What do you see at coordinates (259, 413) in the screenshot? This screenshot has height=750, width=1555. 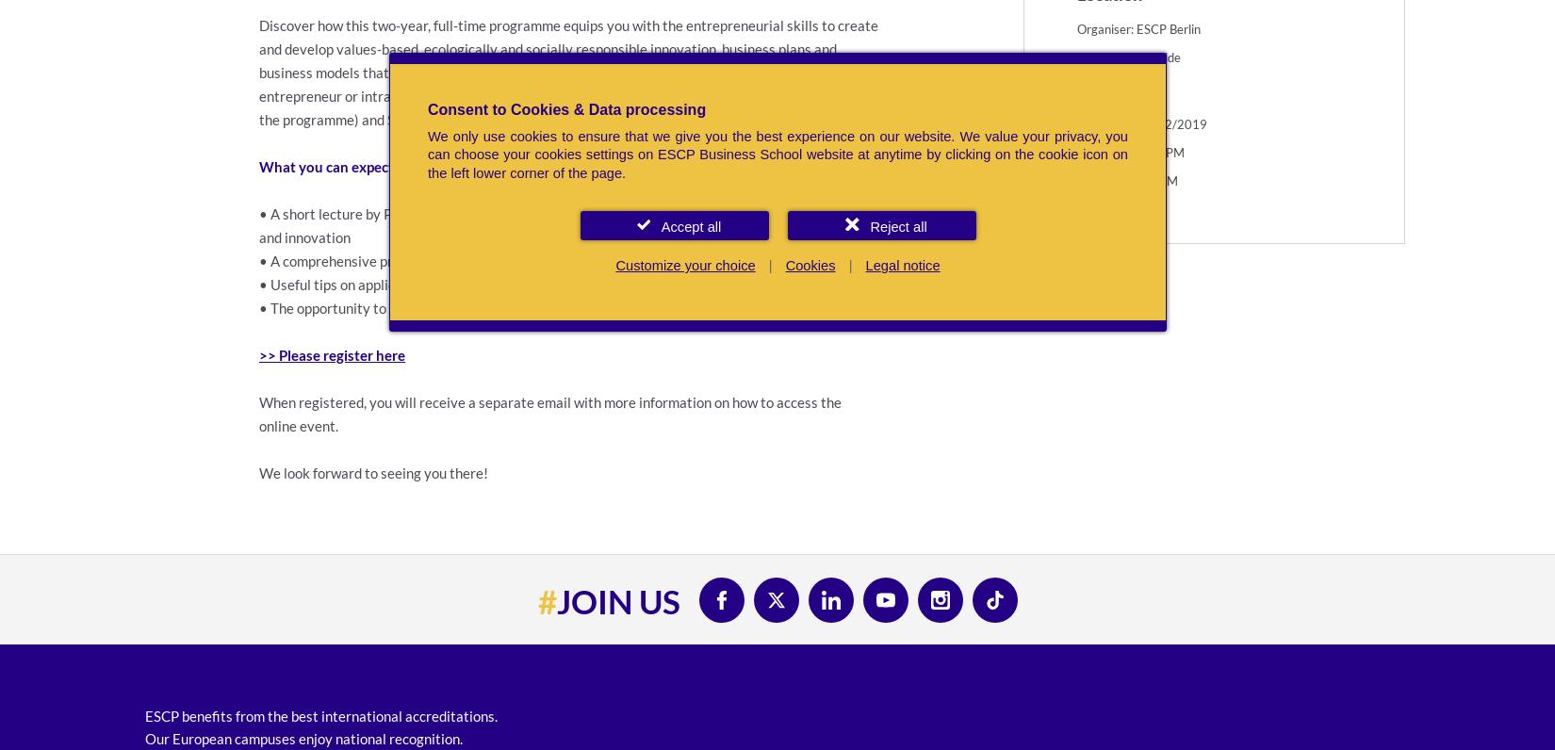 I see `'When registered, you will receive a separate email with more information on how to access the online event.'` at bounding box center [259, 413].